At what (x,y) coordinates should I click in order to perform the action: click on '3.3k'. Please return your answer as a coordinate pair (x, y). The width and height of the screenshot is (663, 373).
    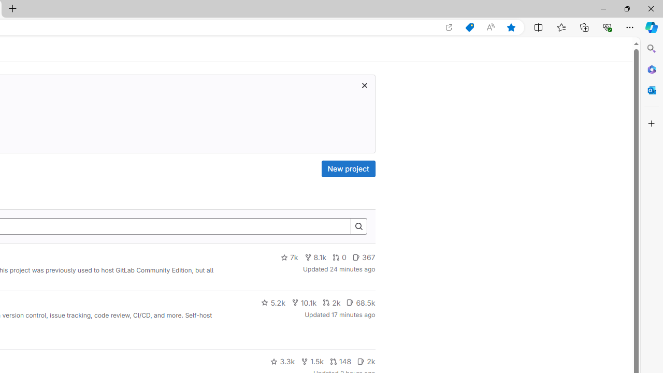
    Looking at the image, I should click on (282, 361).